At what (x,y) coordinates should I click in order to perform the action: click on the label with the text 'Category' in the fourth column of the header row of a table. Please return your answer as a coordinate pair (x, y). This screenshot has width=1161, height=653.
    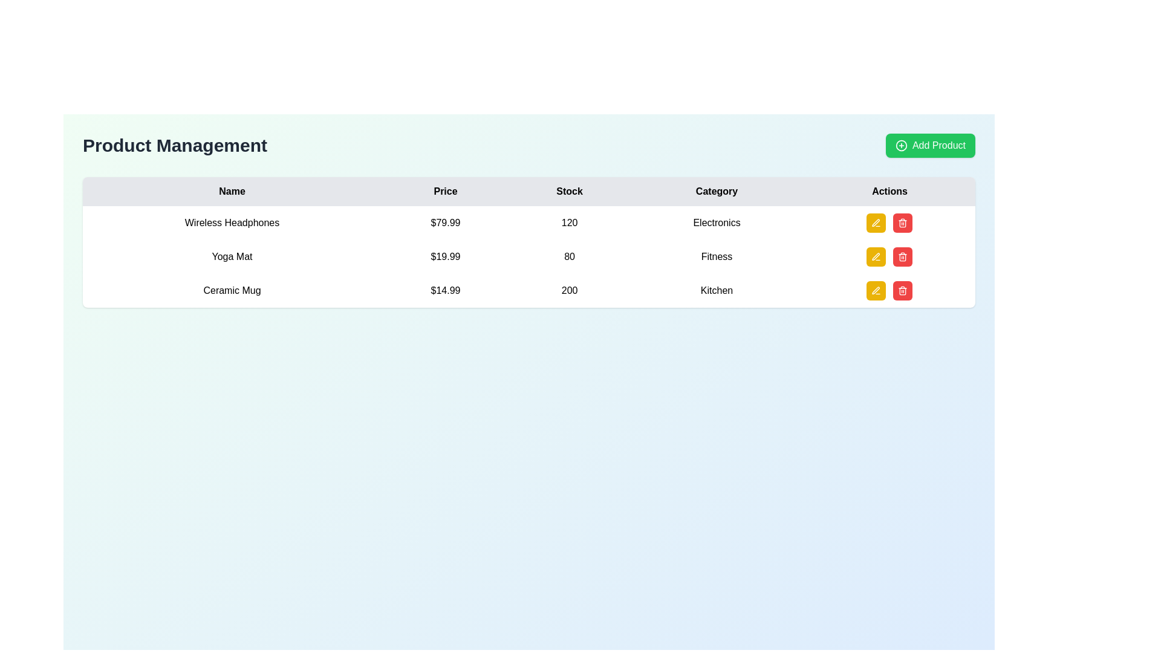
    Looking at the image, I should click on (717, 190).